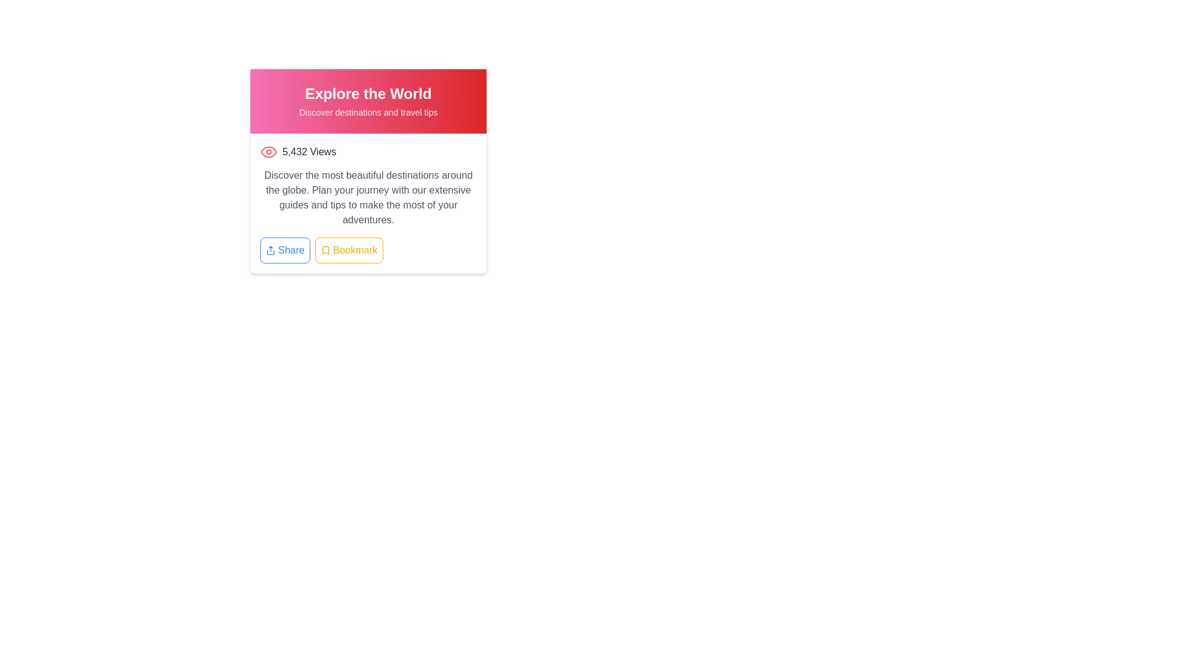 Image resolution: width=1187 pixels, height=668 pixels. Describe the element at coordinates (309, 152) in the screenshot. I see `the static text displaying view count '5,432 Views', which is bold and dark gray, located to the right of an eye icon` at that location.